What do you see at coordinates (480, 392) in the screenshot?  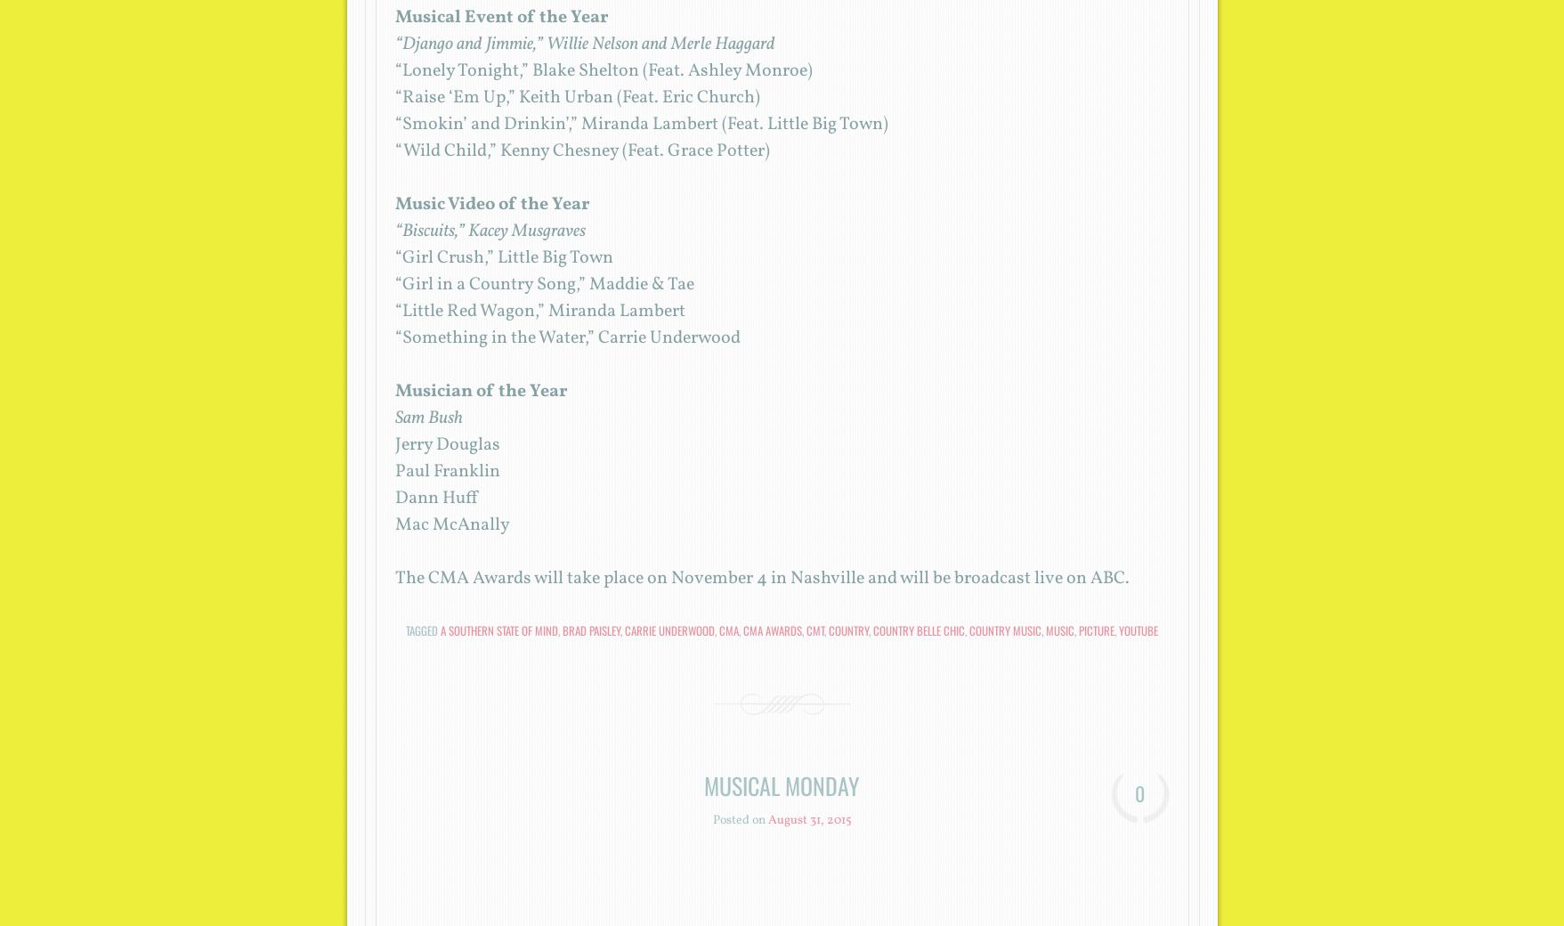 I see `'Musician of the Year'` at bounding box center [480, 392].